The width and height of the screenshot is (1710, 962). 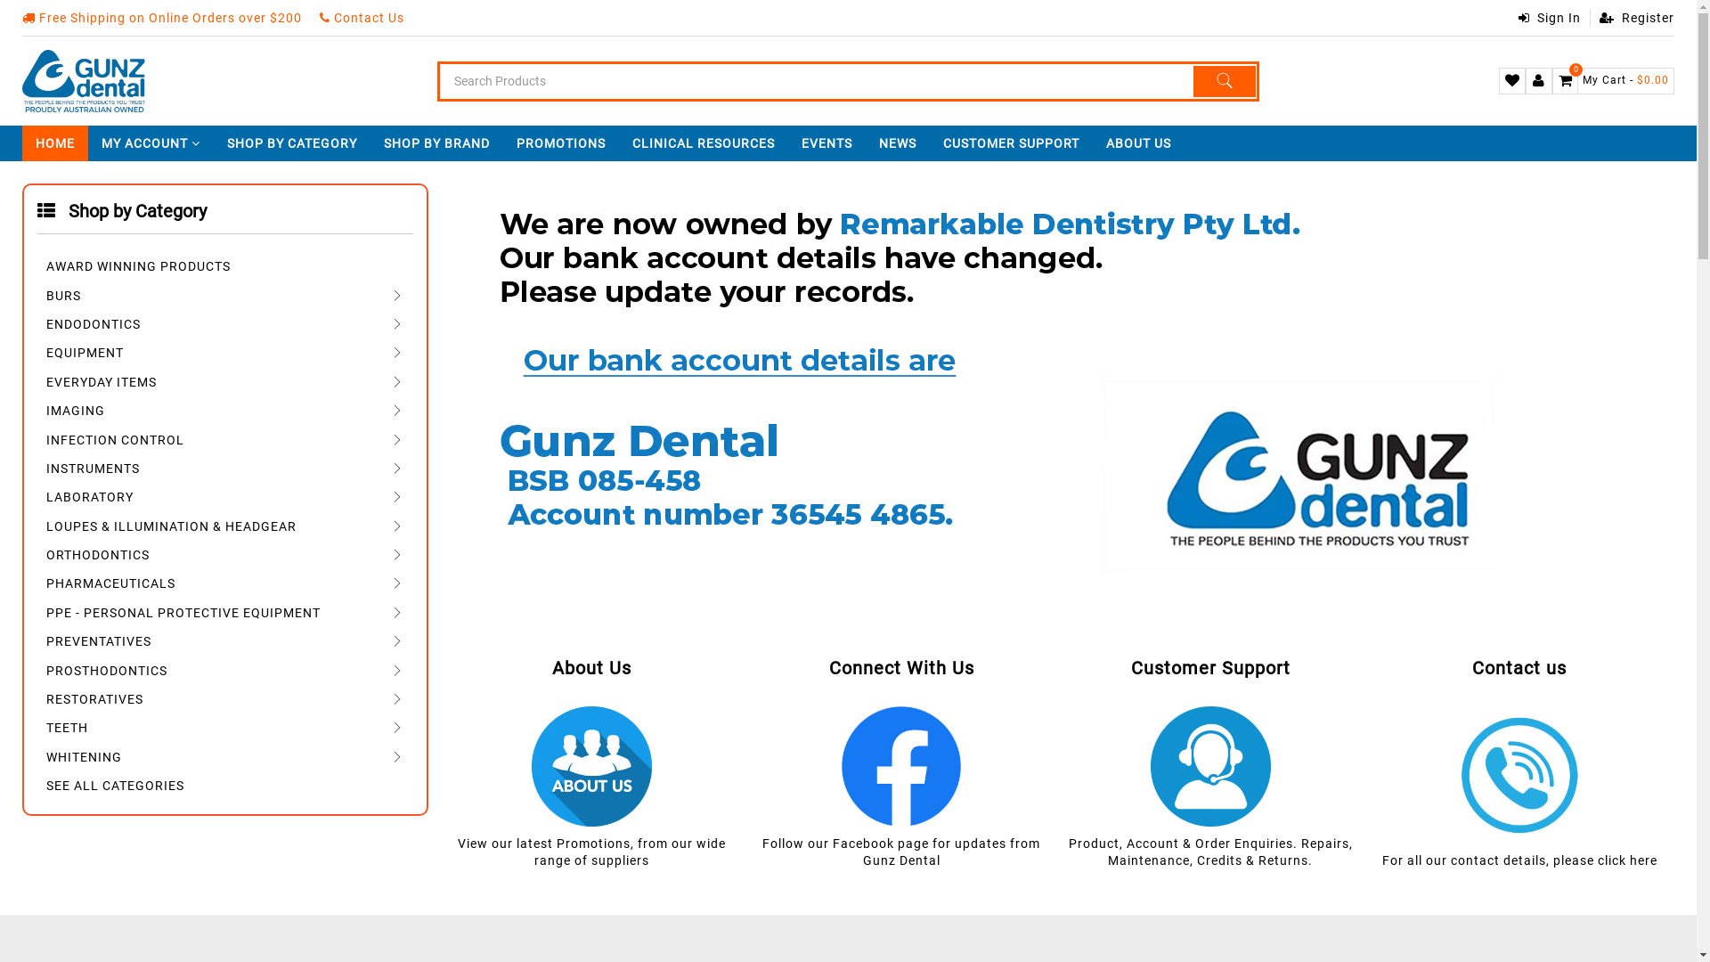 I want to click on 'ABOUT US', so click(x=1137, y=143).